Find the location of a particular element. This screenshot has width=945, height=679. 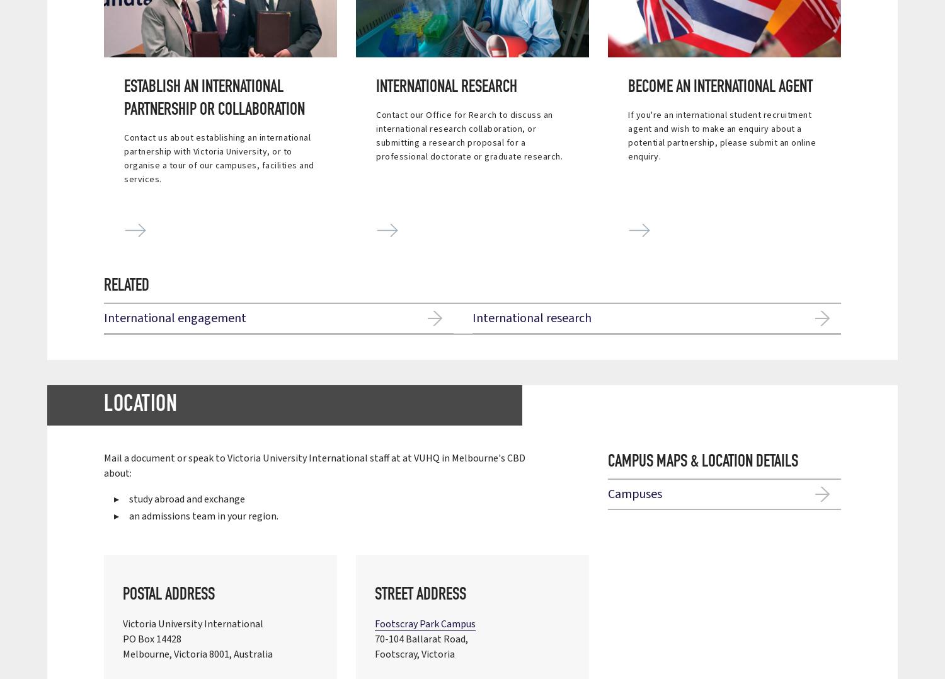

'Location' is located at coordinates (104, 405).